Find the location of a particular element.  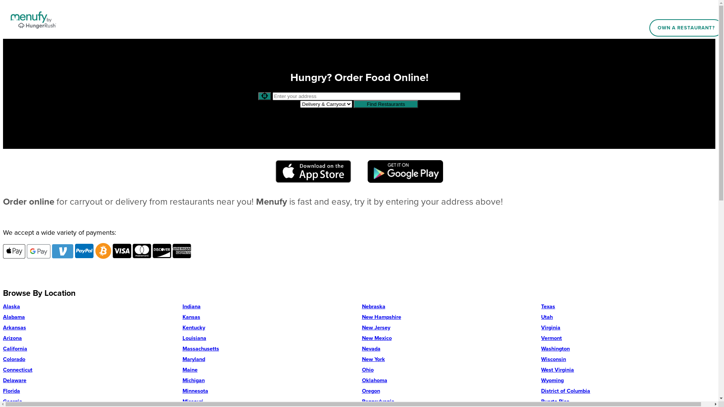

'Georgia' is located at coordinates (3, 401).